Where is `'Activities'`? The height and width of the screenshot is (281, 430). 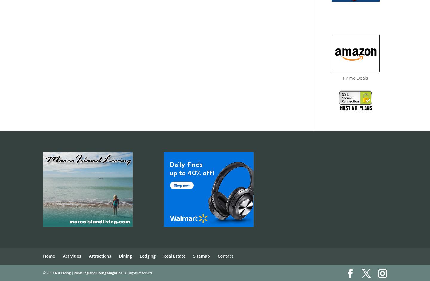
'Activities' is located at coordinates (72, 256).